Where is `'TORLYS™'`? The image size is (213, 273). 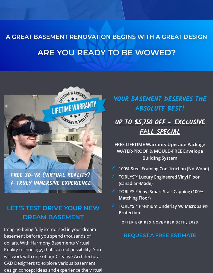
'TORLYS™' is located at coordinates (118, 192).